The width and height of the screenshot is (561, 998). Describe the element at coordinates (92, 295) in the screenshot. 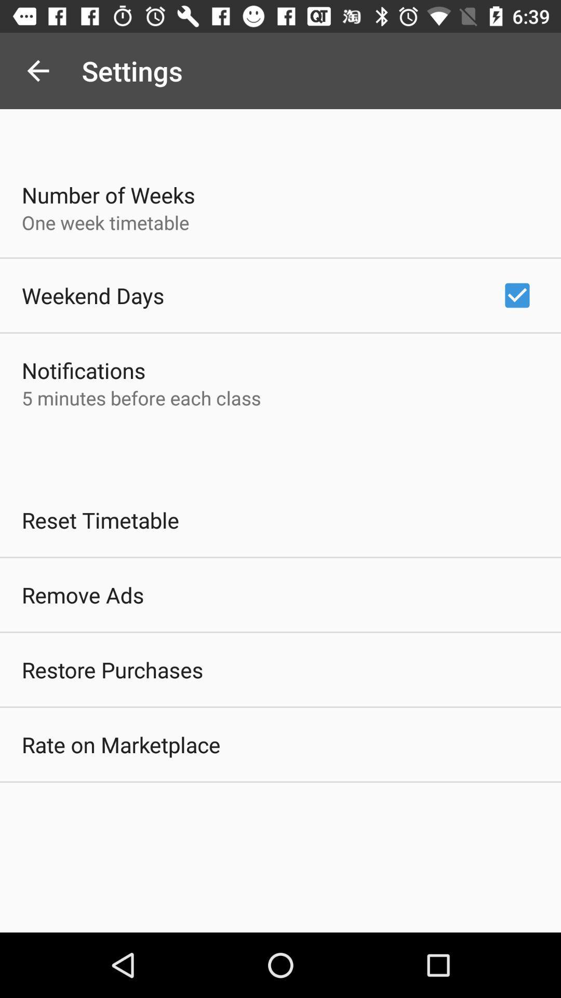

I see `the weekend days` at that location.